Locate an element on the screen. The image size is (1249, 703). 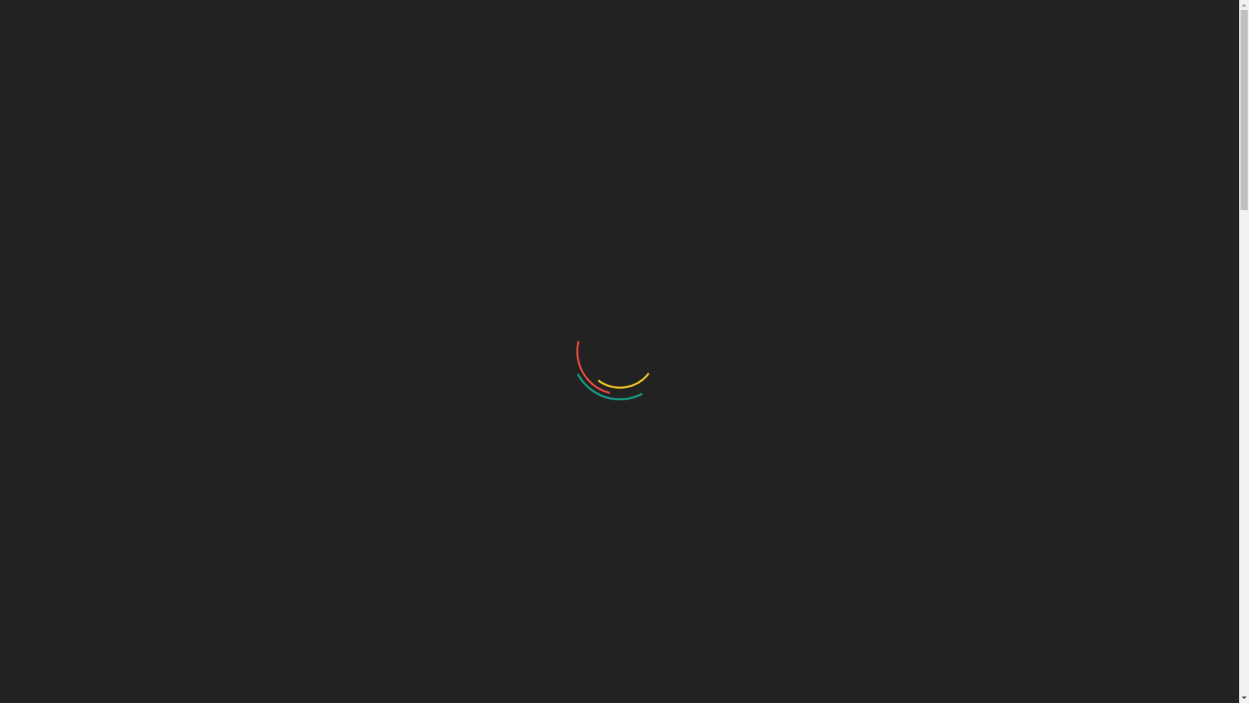
'equipe' is located at coordinates (24, 586).